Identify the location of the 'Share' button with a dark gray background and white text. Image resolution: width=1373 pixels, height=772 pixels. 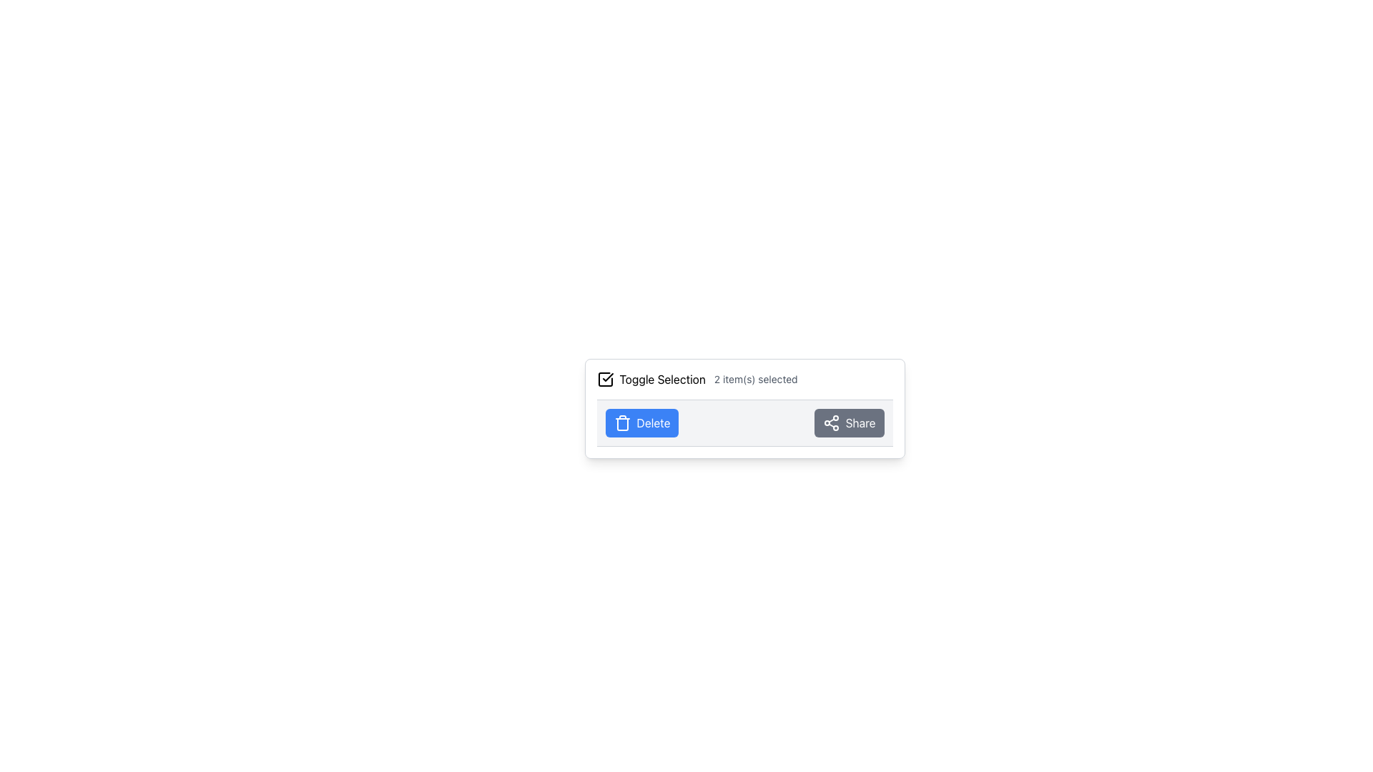
(849, 422).